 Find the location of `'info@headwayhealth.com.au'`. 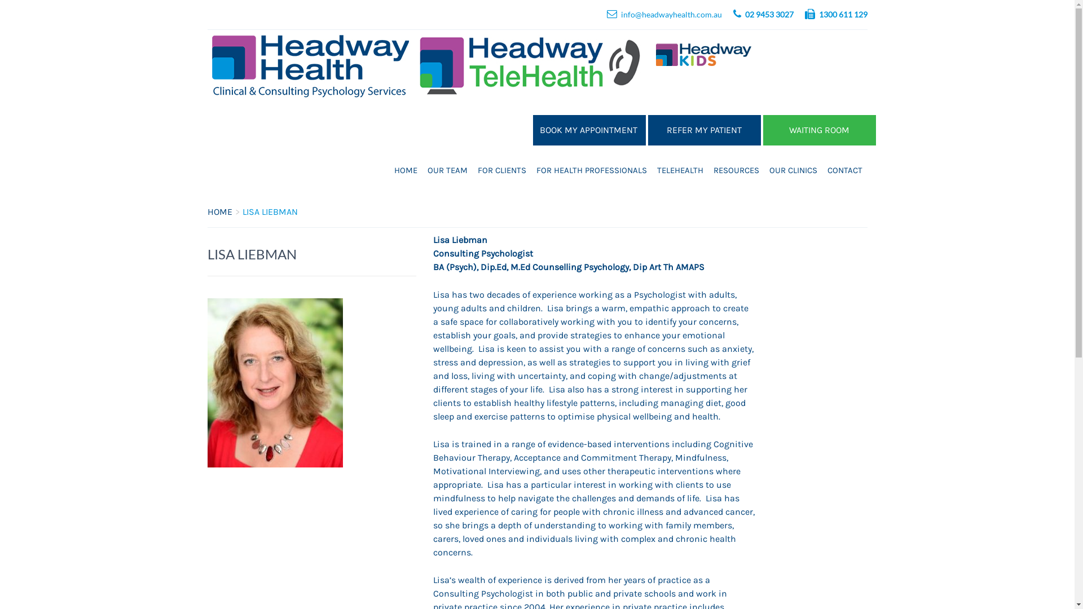

'info@headwayhealth.com.au' is located at coordinates (671, 14).